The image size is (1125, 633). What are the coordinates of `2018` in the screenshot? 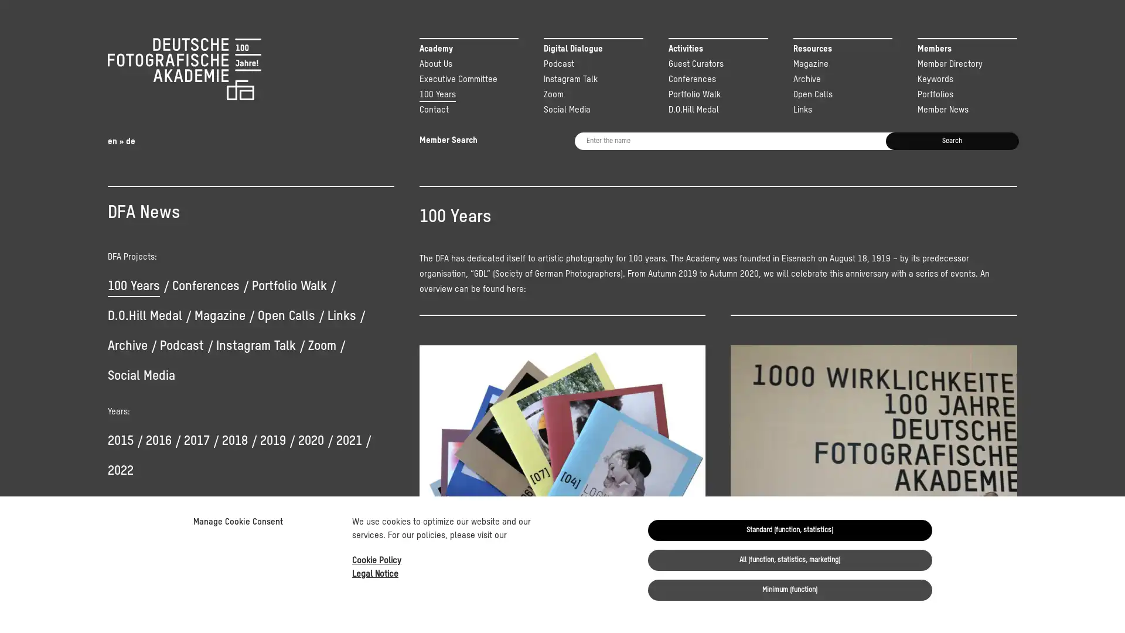 It's located at (234, 441).